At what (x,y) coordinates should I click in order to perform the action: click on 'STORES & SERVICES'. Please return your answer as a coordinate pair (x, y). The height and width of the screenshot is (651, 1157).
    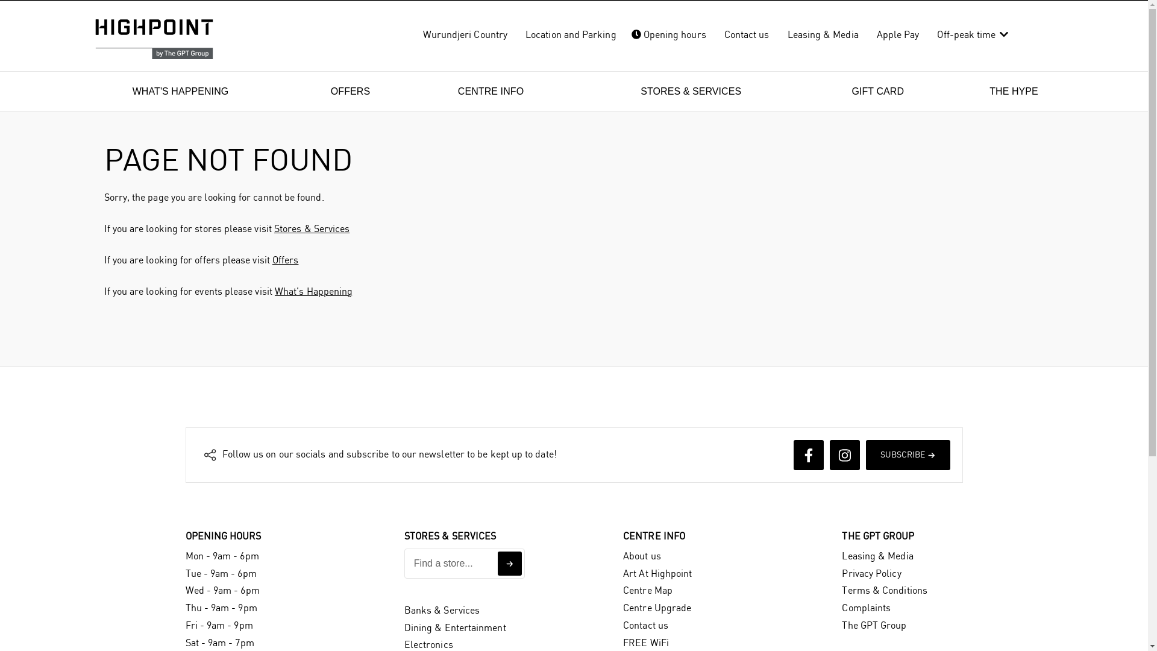
    Looking at the image, I should click on (691, 90).